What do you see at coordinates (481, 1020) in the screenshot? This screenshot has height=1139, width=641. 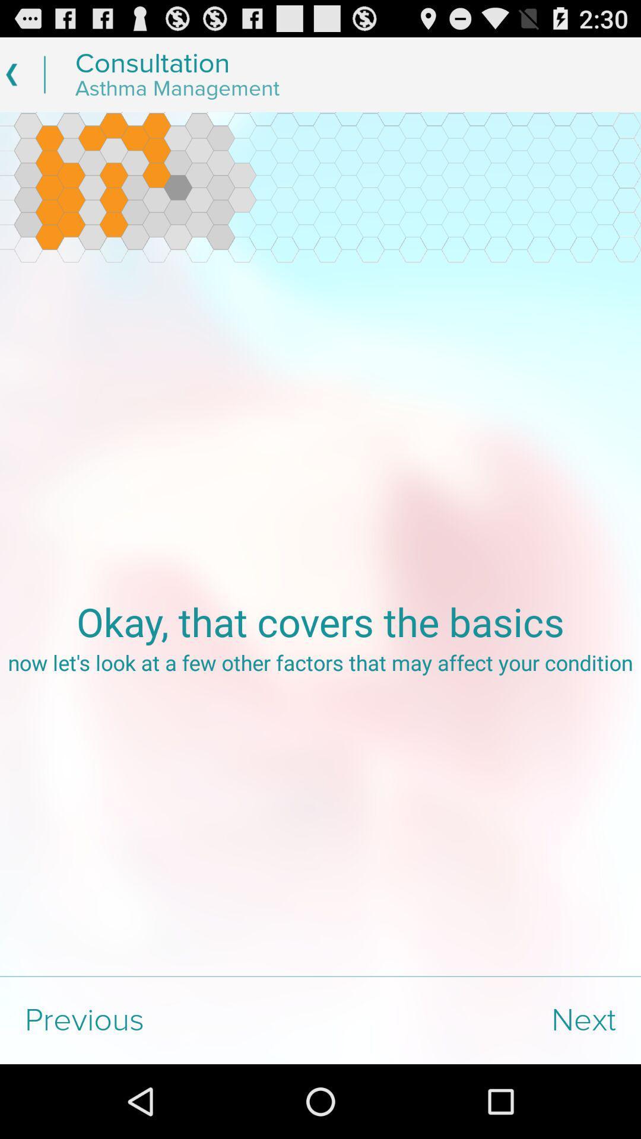 I see `the icon next to the previous icon` at bounding box center [481, 1020].